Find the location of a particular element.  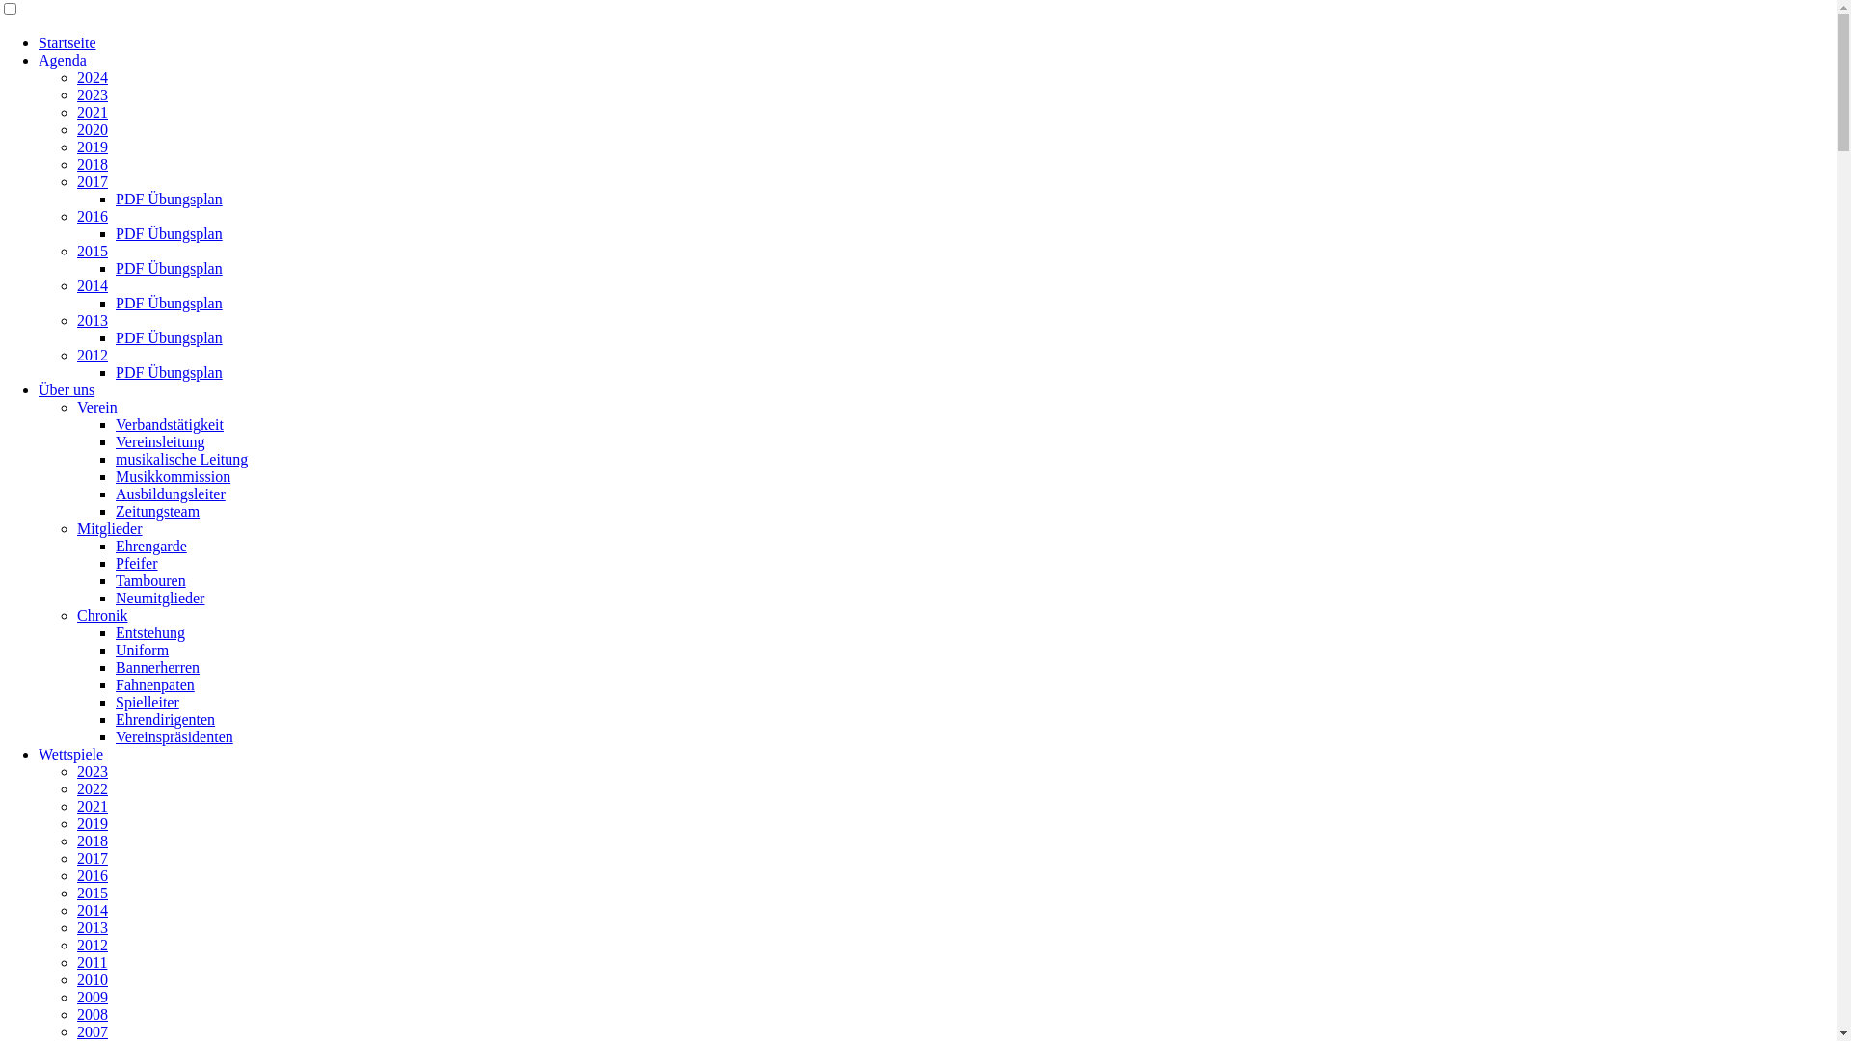

'2009' is located at coordinates (77, 997).